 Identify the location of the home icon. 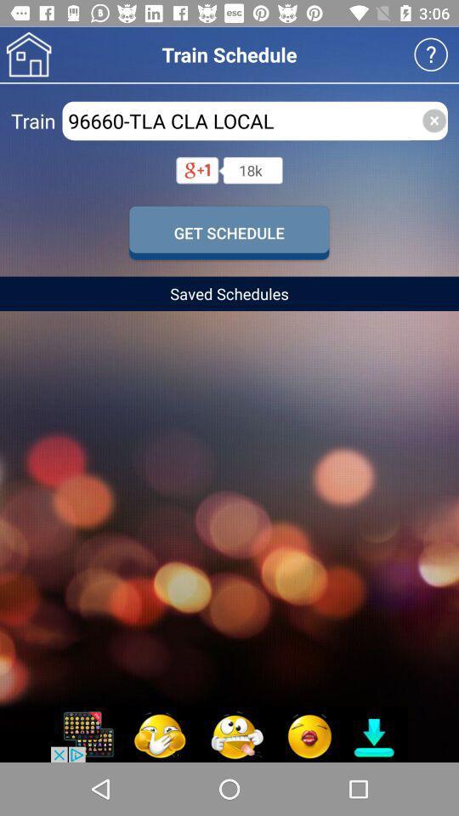
(28, 54).